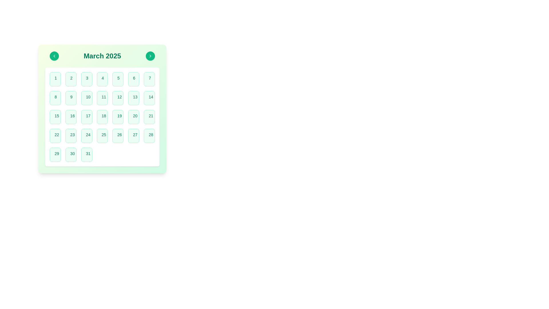 The image size is (549, 309). I want to click on the button representing the 17th day of March 2025 in the calendar, so click(86, 116).